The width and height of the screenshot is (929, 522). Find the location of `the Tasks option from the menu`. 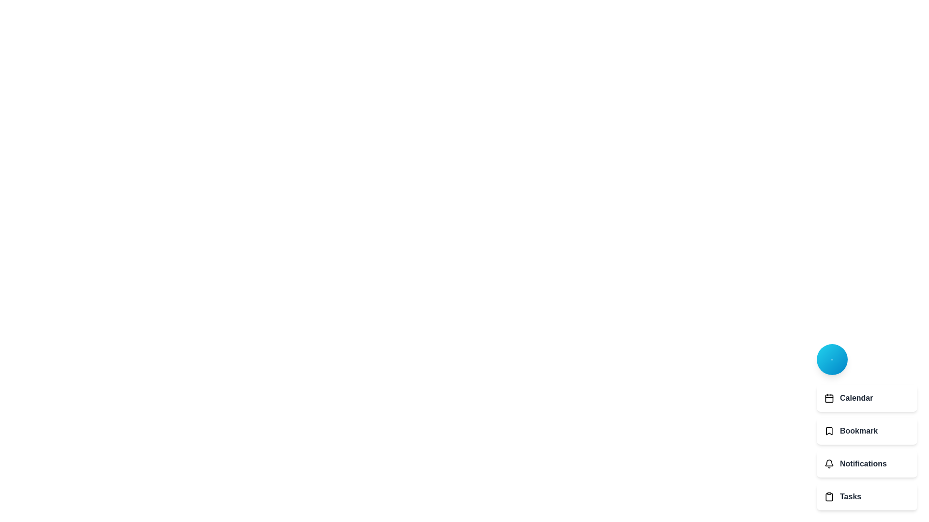

the Tasks option from the menu is located at coordinates (867, 497).